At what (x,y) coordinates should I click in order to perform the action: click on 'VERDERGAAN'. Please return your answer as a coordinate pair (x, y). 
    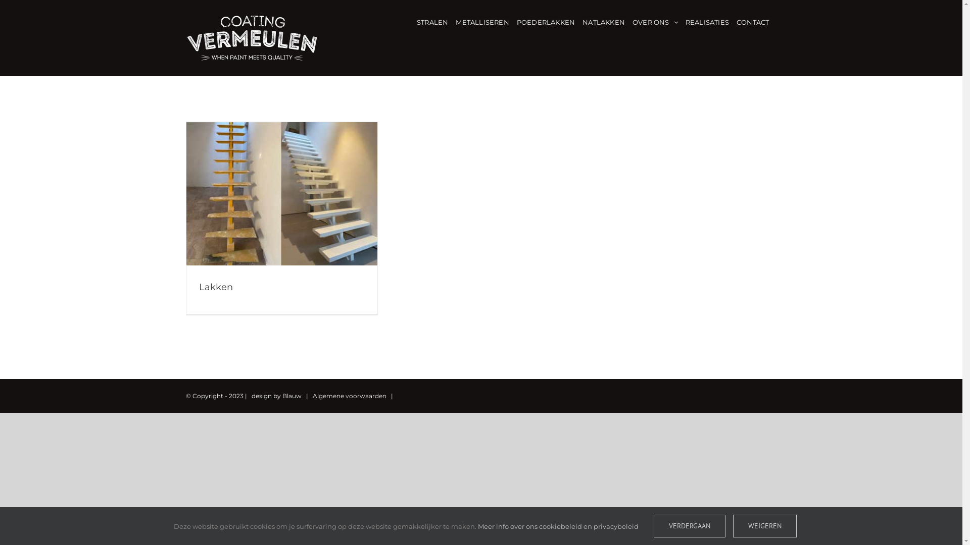
    Looking at the image, I should click on (689, 525).